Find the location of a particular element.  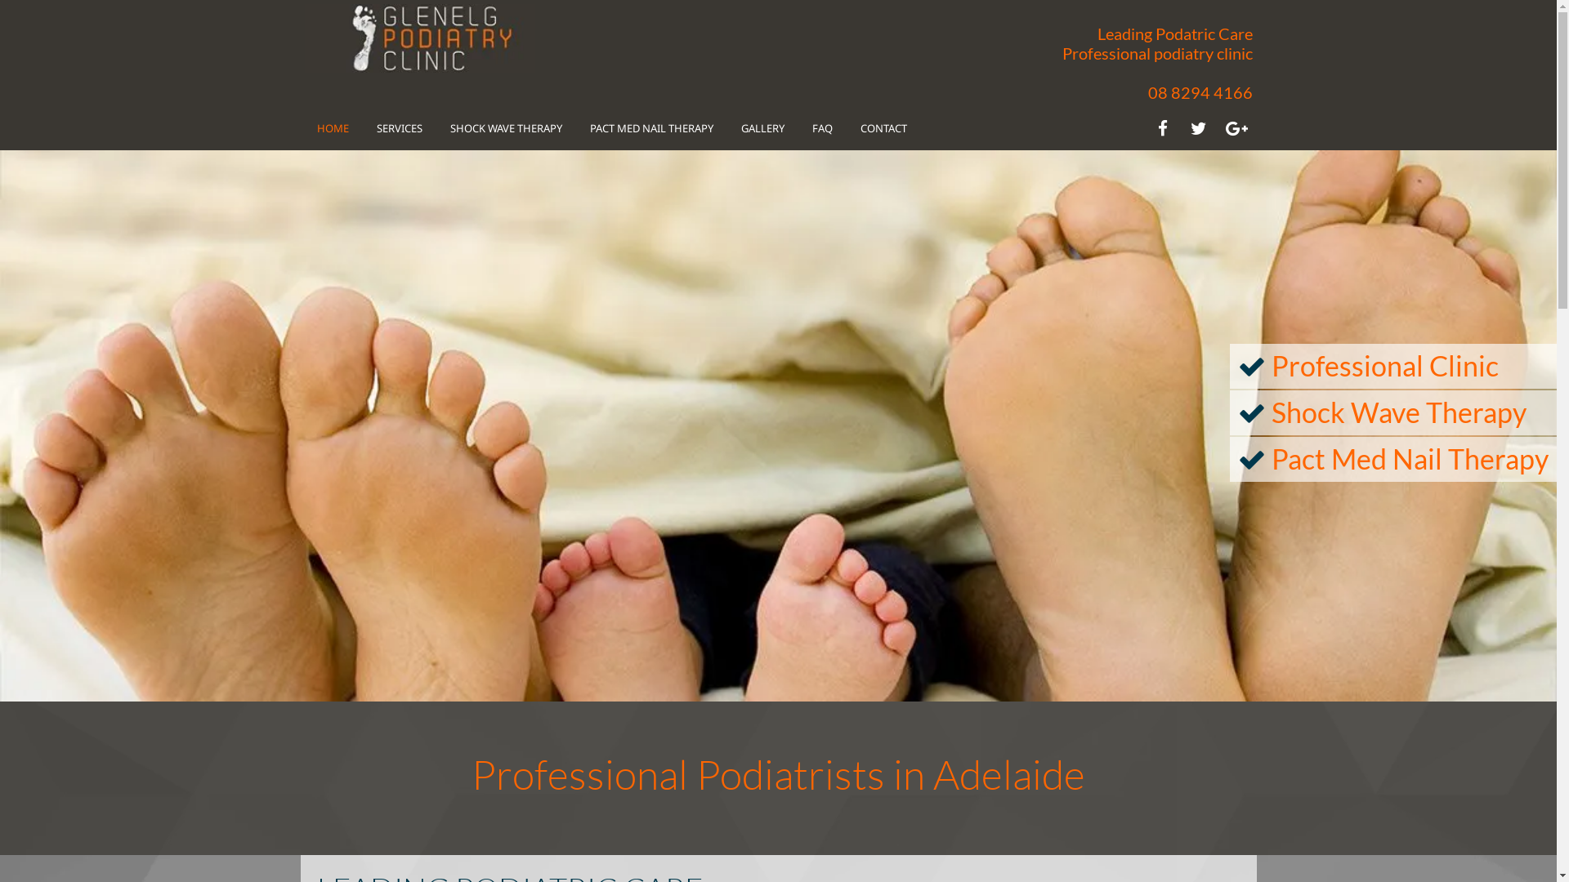

'08 8294 4166' is located at coordinates (1200, 91).